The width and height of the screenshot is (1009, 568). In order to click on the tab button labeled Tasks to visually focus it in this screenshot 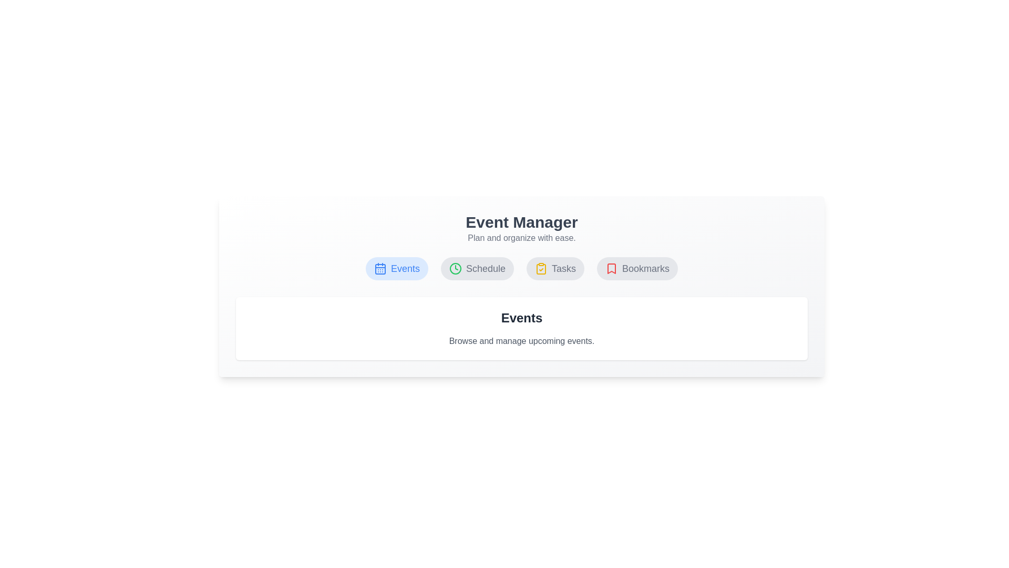, I will do `click(554, 268)`.